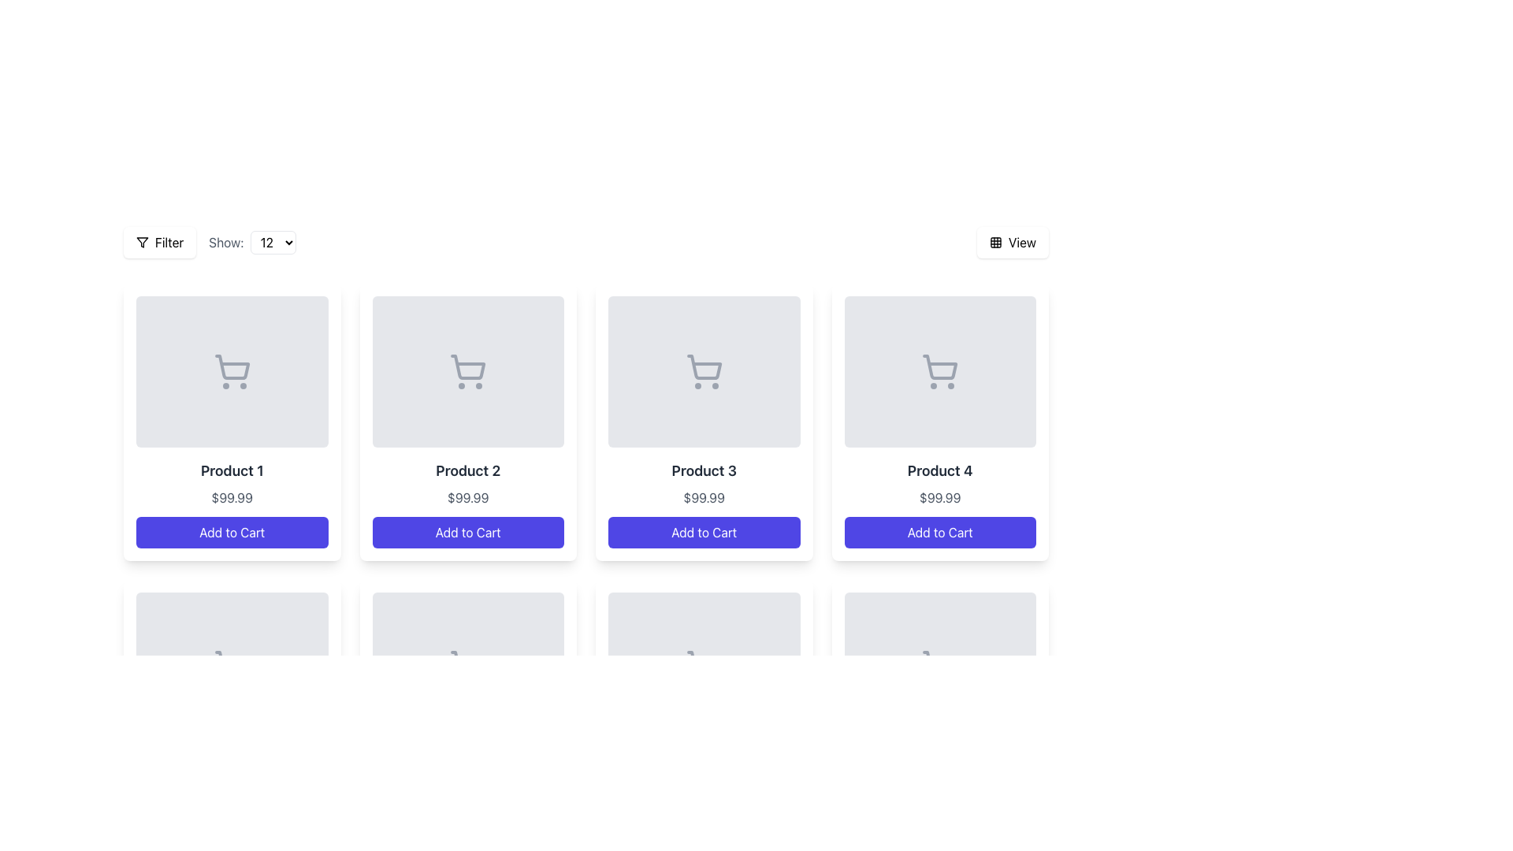 The height and width of the screenshot is (851, 1513). I want to click on the product image placeholder for 'Product 4', which contains an icon indicating its category or availability, so click(940, 371).